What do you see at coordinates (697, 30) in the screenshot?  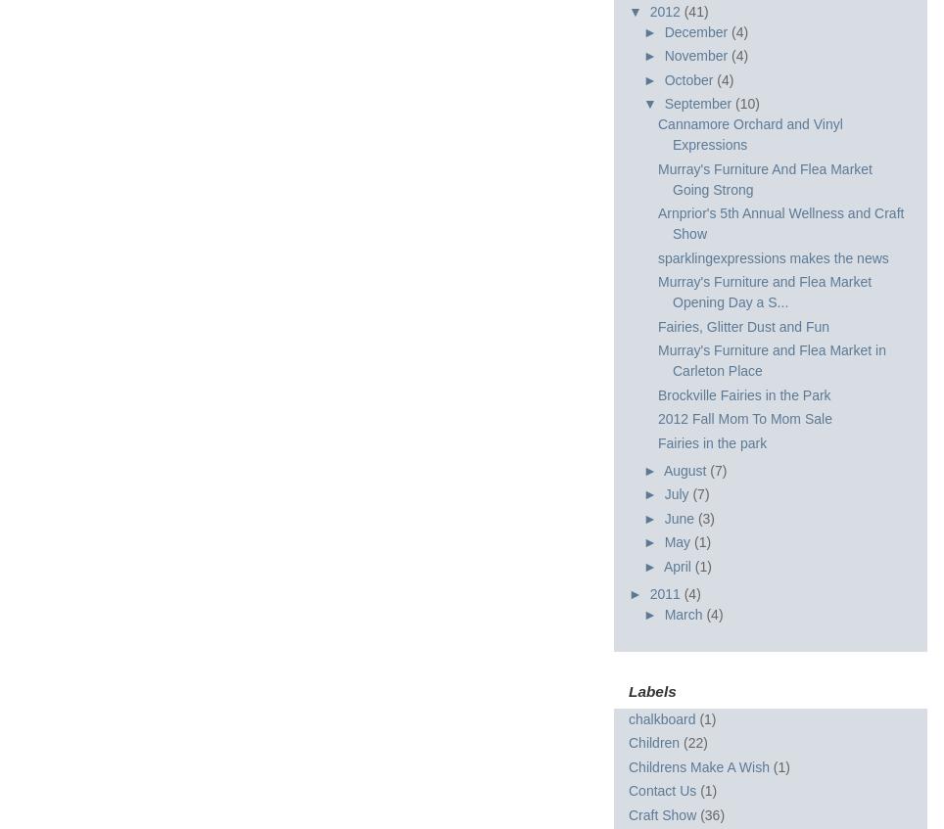 I see `'December'` at bounding box center [697, 30].